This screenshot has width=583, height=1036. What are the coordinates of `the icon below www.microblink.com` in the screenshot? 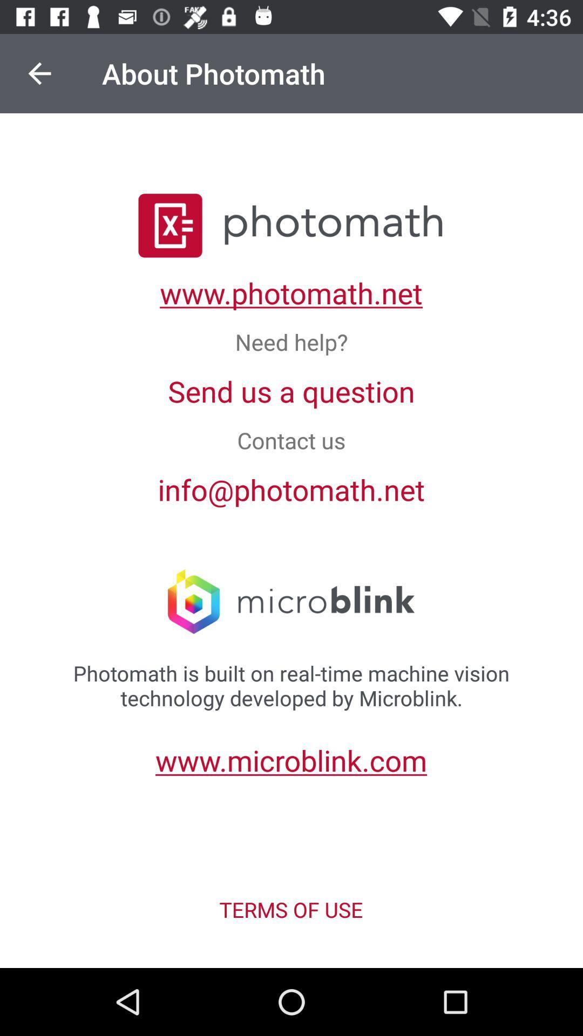 It's located at (290, 909).